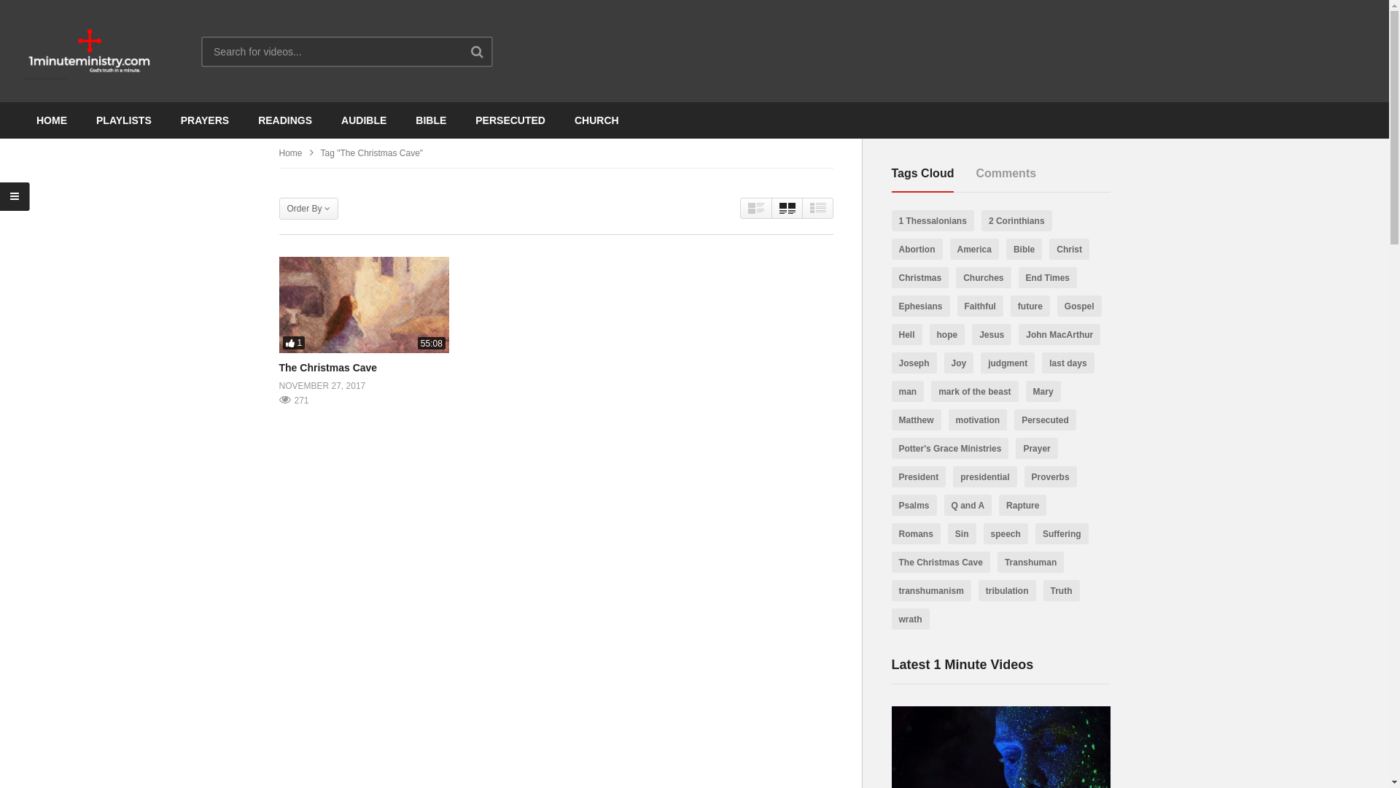  I want to click on 'mark of the beast', so click(974, 390).